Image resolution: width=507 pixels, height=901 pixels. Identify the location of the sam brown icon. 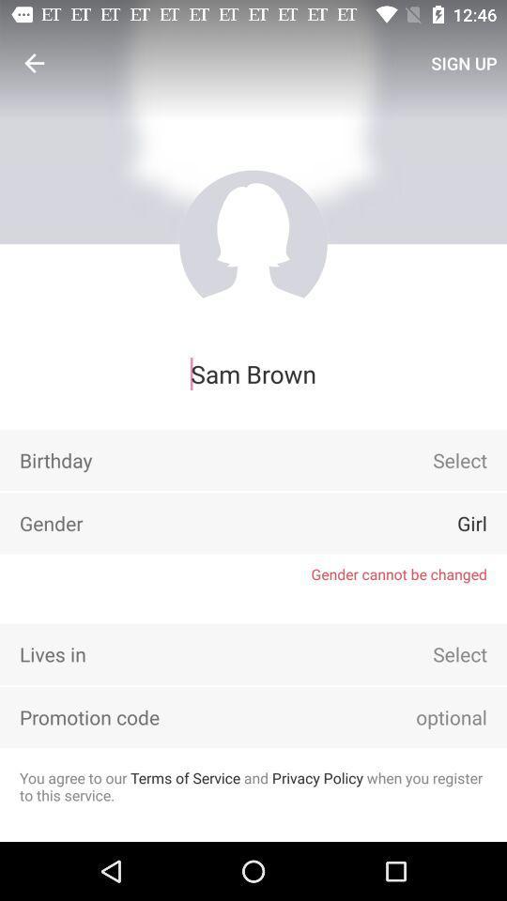
(253, 373).